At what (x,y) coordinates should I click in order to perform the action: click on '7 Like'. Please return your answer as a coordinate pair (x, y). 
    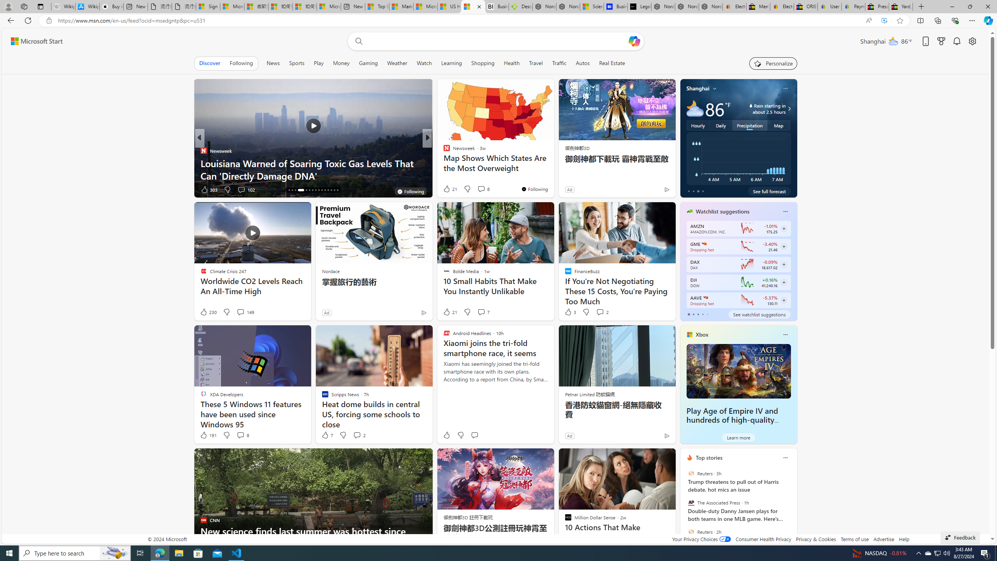
    Looking at the image, I should click on (327, 434).